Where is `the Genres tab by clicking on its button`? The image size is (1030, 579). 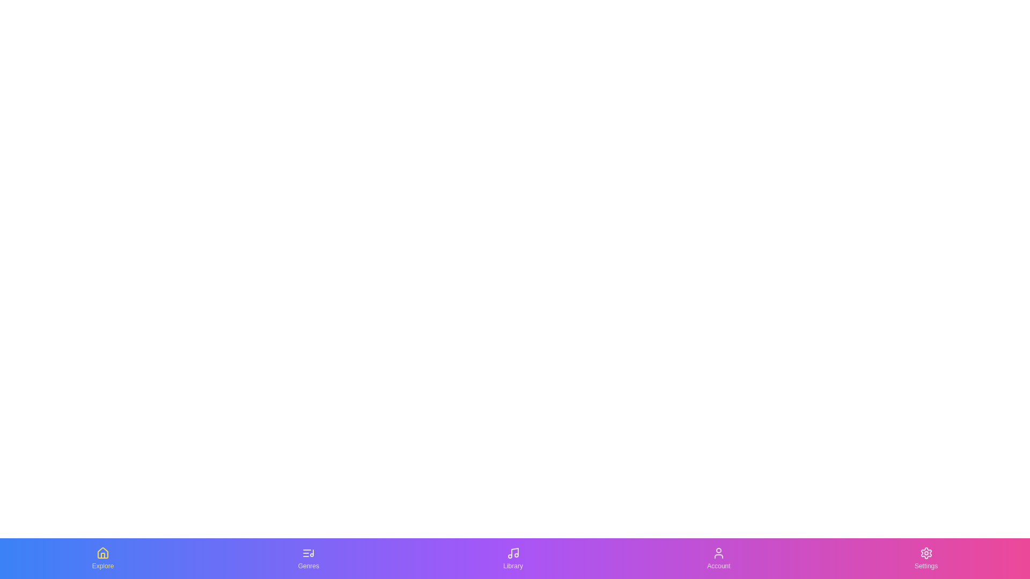
the Genres tab by clicking on its button is located at coordinates (308, 558).